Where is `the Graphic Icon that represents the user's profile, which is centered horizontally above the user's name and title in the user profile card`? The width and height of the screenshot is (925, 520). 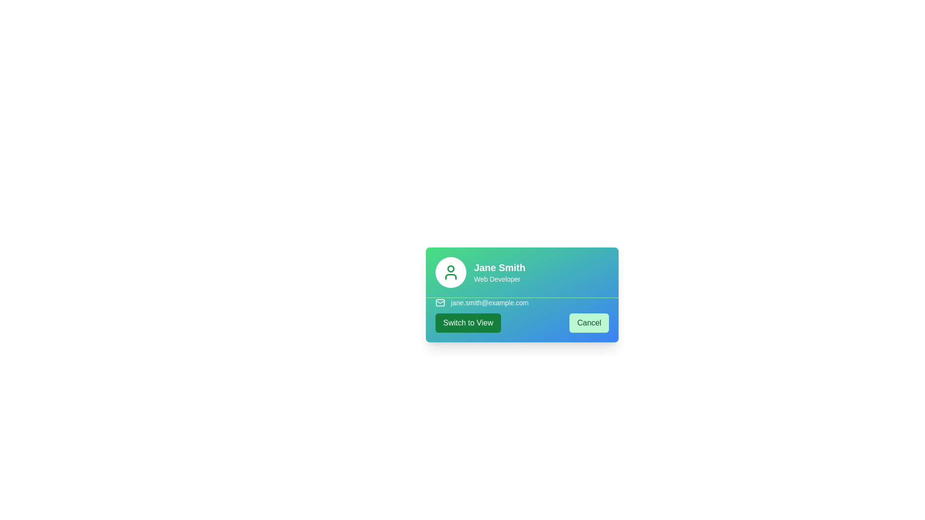
the Graphic Icon that represents the user's profile, which is centered horizontally above the user's name and title in the user profile card is located at coordinates (450, 269).